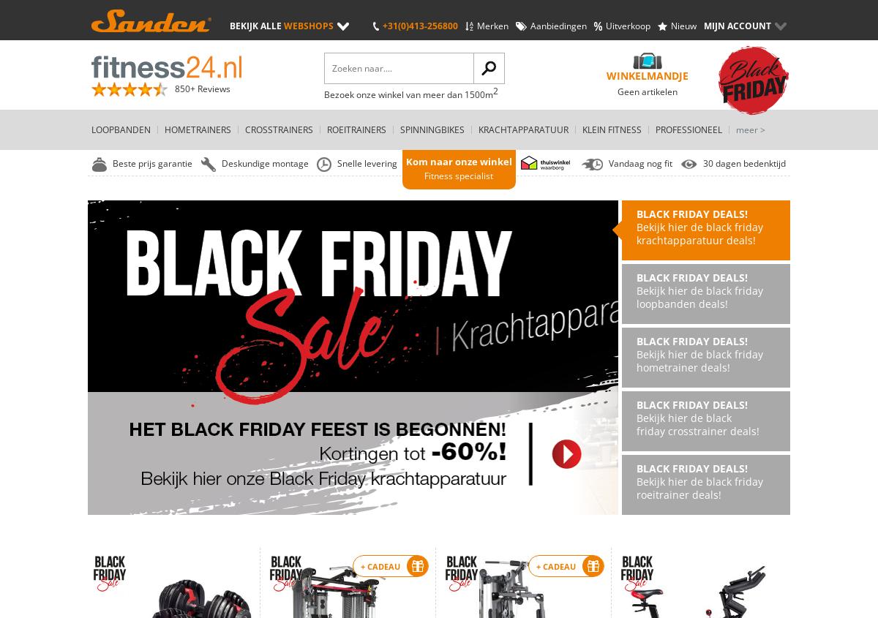 The image size is (878, 618). I want to click on 'Spinningbikes', so click(432, 129).